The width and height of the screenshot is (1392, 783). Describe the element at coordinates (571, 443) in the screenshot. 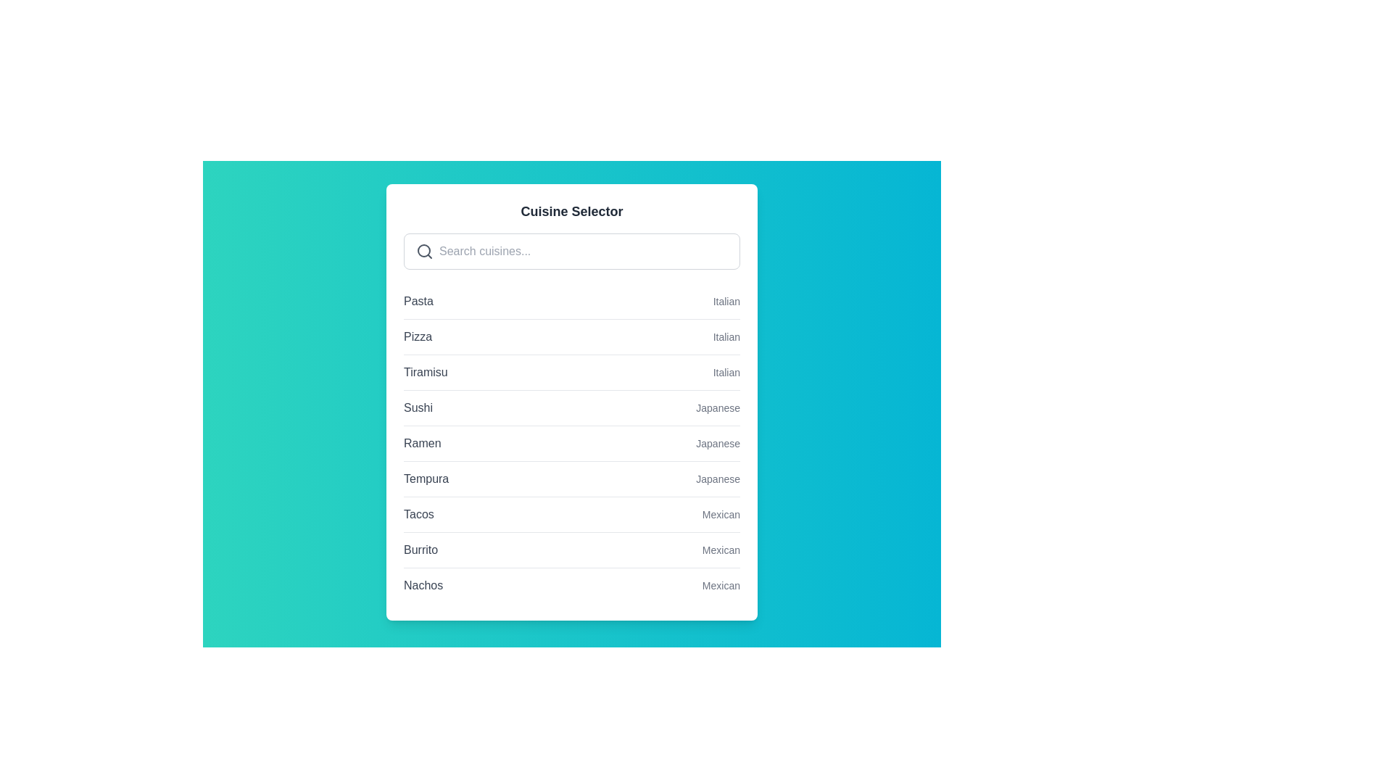

I see `to select the list item labeled 'Ramen' in bold, which is the fifth entry under 'Cuisine Selector', located between 'Sushi' and 'Tempura'` at that location.